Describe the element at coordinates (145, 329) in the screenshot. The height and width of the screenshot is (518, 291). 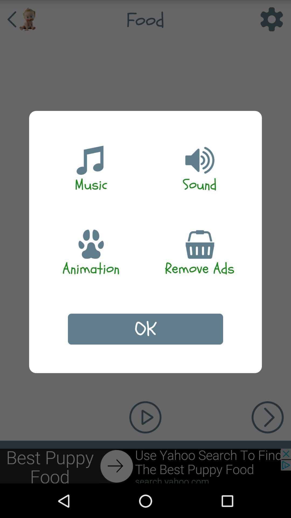
I see `app below the animation item` at that location.